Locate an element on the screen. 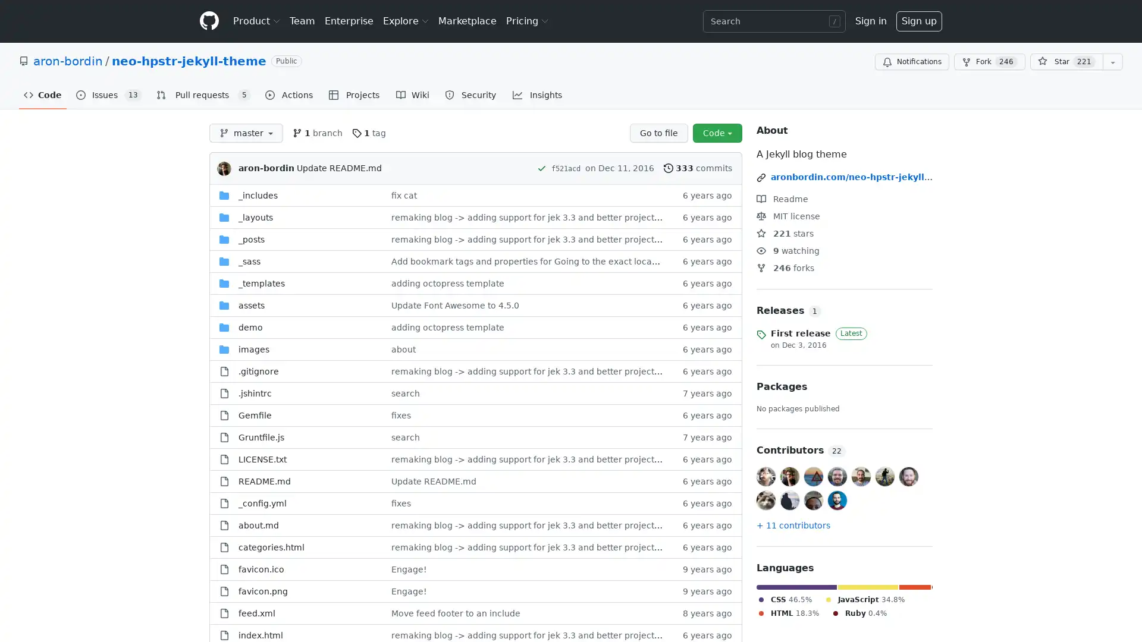 The width and height of the screenshot is (1142, 642). You must be signed in to add this repository to a list is located at coordinates (1112, 62).